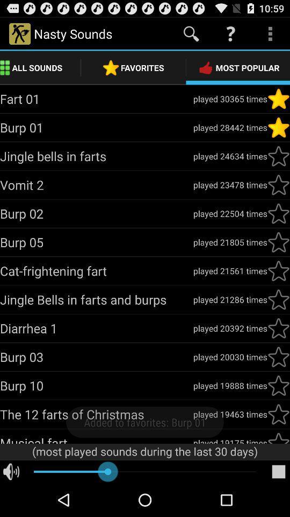  I want to click on favorite, so click(278, 437).